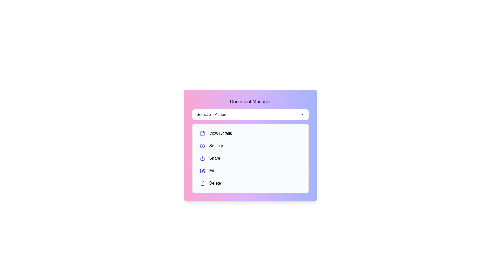 This screenshot has width=498, height=280. Describe the element at coordinates (215, 183) in the screenshot. I see `text label displaying 'Delete' located at the bottom of the vertical list of options in the white rectangular area of the UI card` at that location.